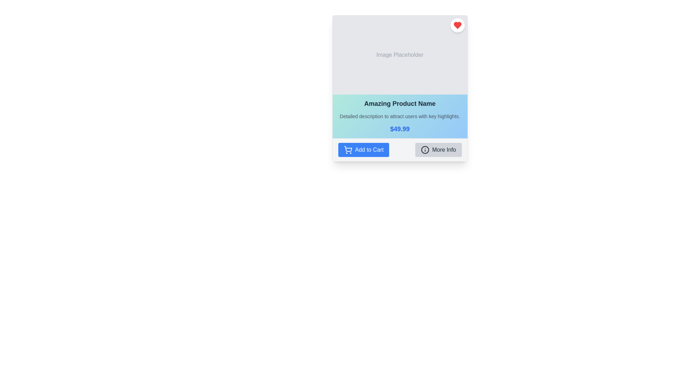  I want to click on the information display block containing the title 'Amazing Product Name', detailed description, and price in blue, so click(400, 116).